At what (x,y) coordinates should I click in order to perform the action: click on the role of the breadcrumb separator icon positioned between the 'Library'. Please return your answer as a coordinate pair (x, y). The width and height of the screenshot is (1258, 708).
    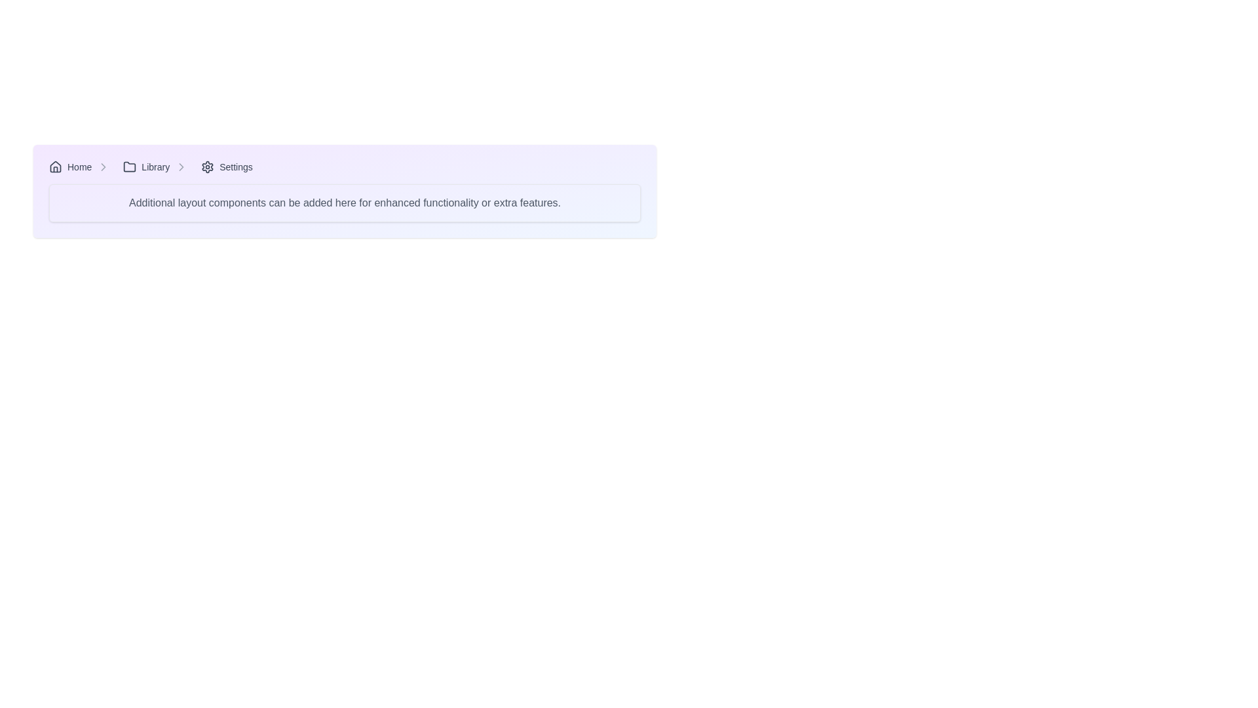
    Looking at the image, I should click on (181, 166).